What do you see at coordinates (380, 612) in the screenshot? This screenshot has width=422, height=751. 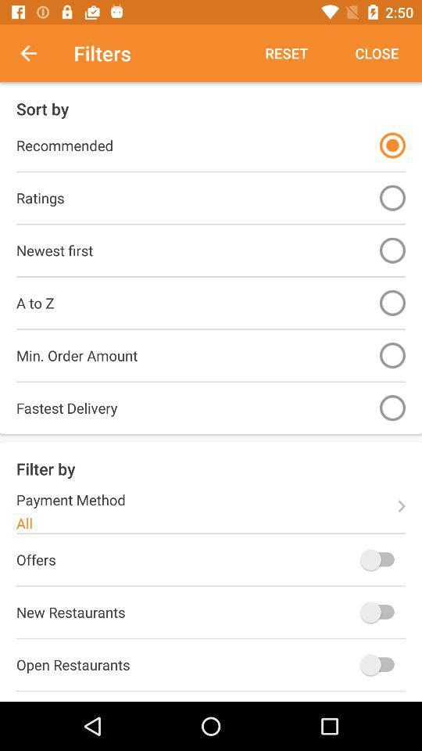 I see `turn on new restaurants` at bounding box center [380, 612].